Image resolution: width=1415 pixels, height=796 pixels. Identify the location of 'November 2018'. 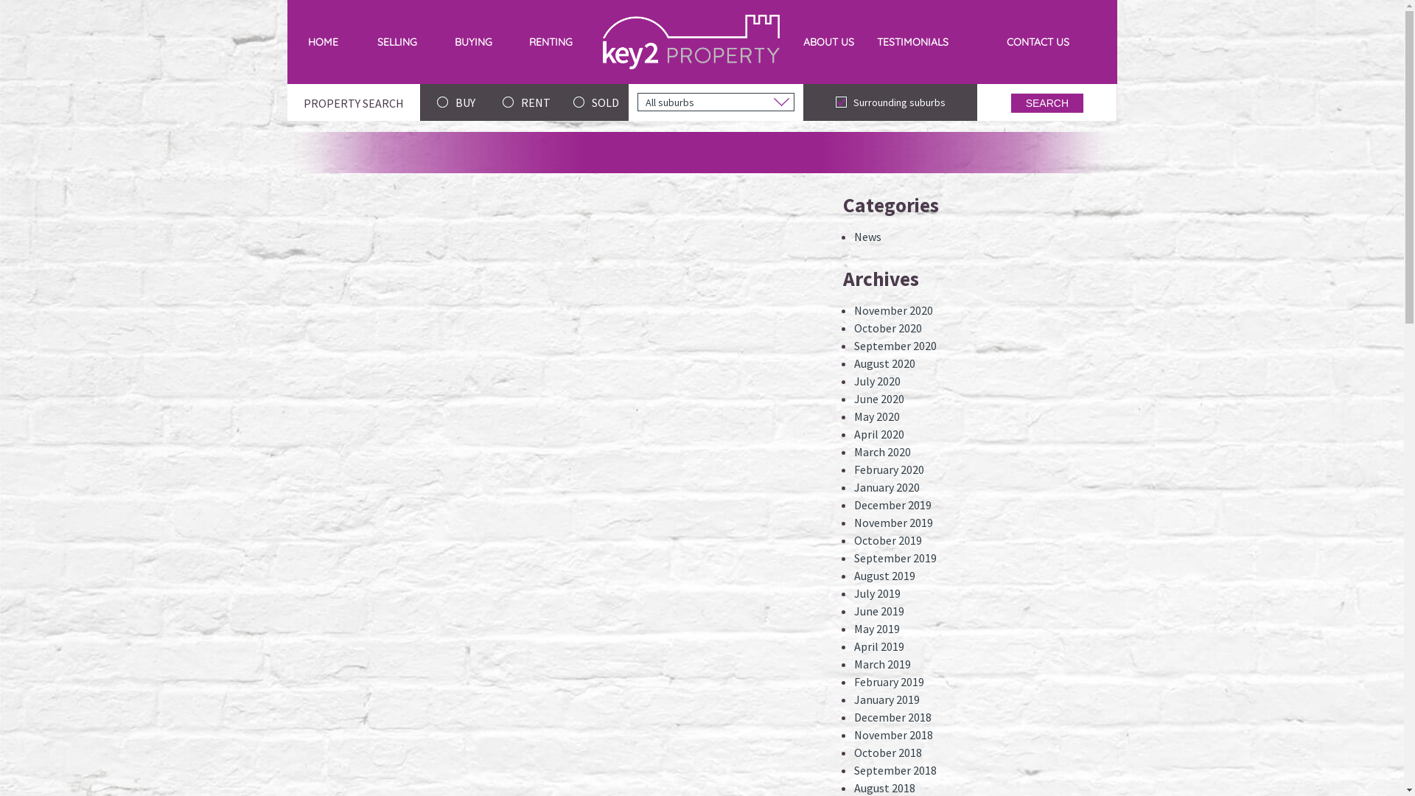
(853, 734).